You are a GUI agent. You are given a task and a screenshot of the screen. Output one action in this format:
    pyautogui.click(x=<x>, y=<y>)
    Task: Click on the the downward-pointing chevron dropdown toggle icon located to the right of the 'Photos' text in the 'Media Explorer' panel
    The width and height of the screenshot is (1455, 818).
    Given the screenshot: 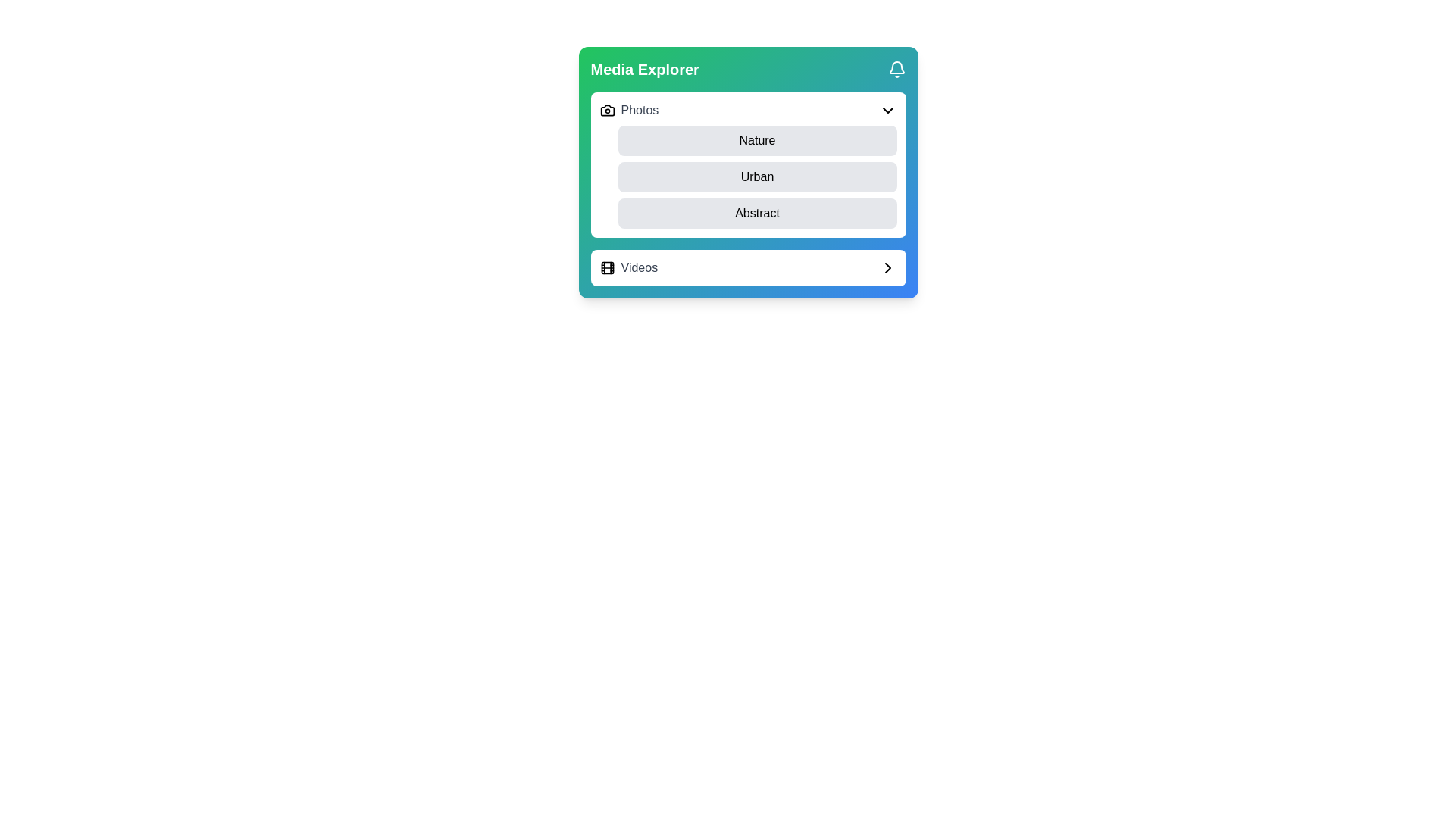 What is the action you would take?
    pyautogui.click(x=887, y=110)
    